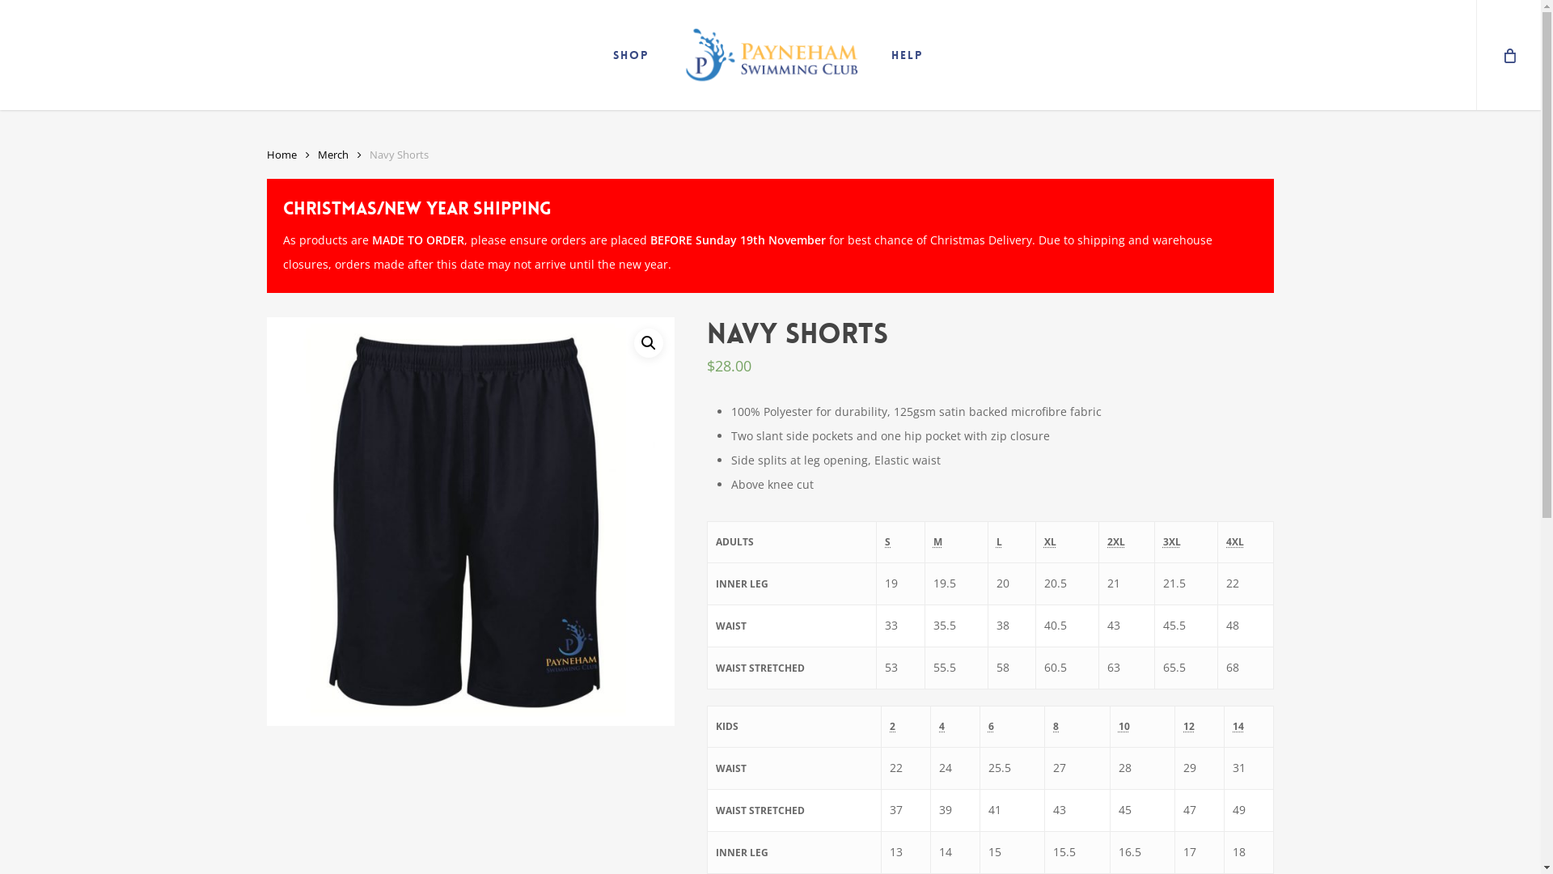 This screenshot has height=874, width=1553. What do you see at coordinates (629, 54) in the screenshot?
I see `'Shop'` at bounding box center [629, 54].